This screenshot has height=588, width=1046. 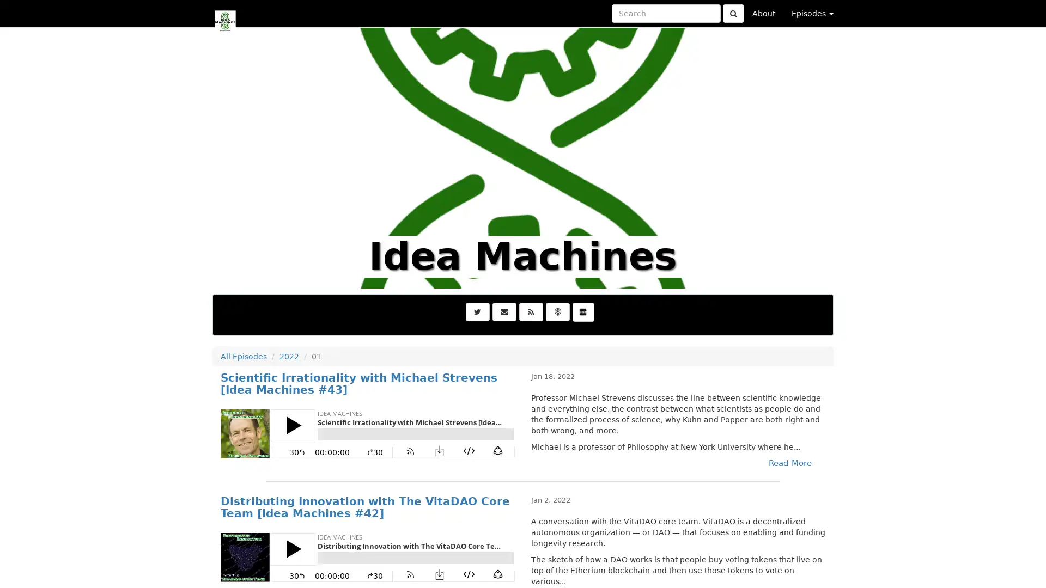 I want to click on Click to submit search, so click(x=733, y=13).